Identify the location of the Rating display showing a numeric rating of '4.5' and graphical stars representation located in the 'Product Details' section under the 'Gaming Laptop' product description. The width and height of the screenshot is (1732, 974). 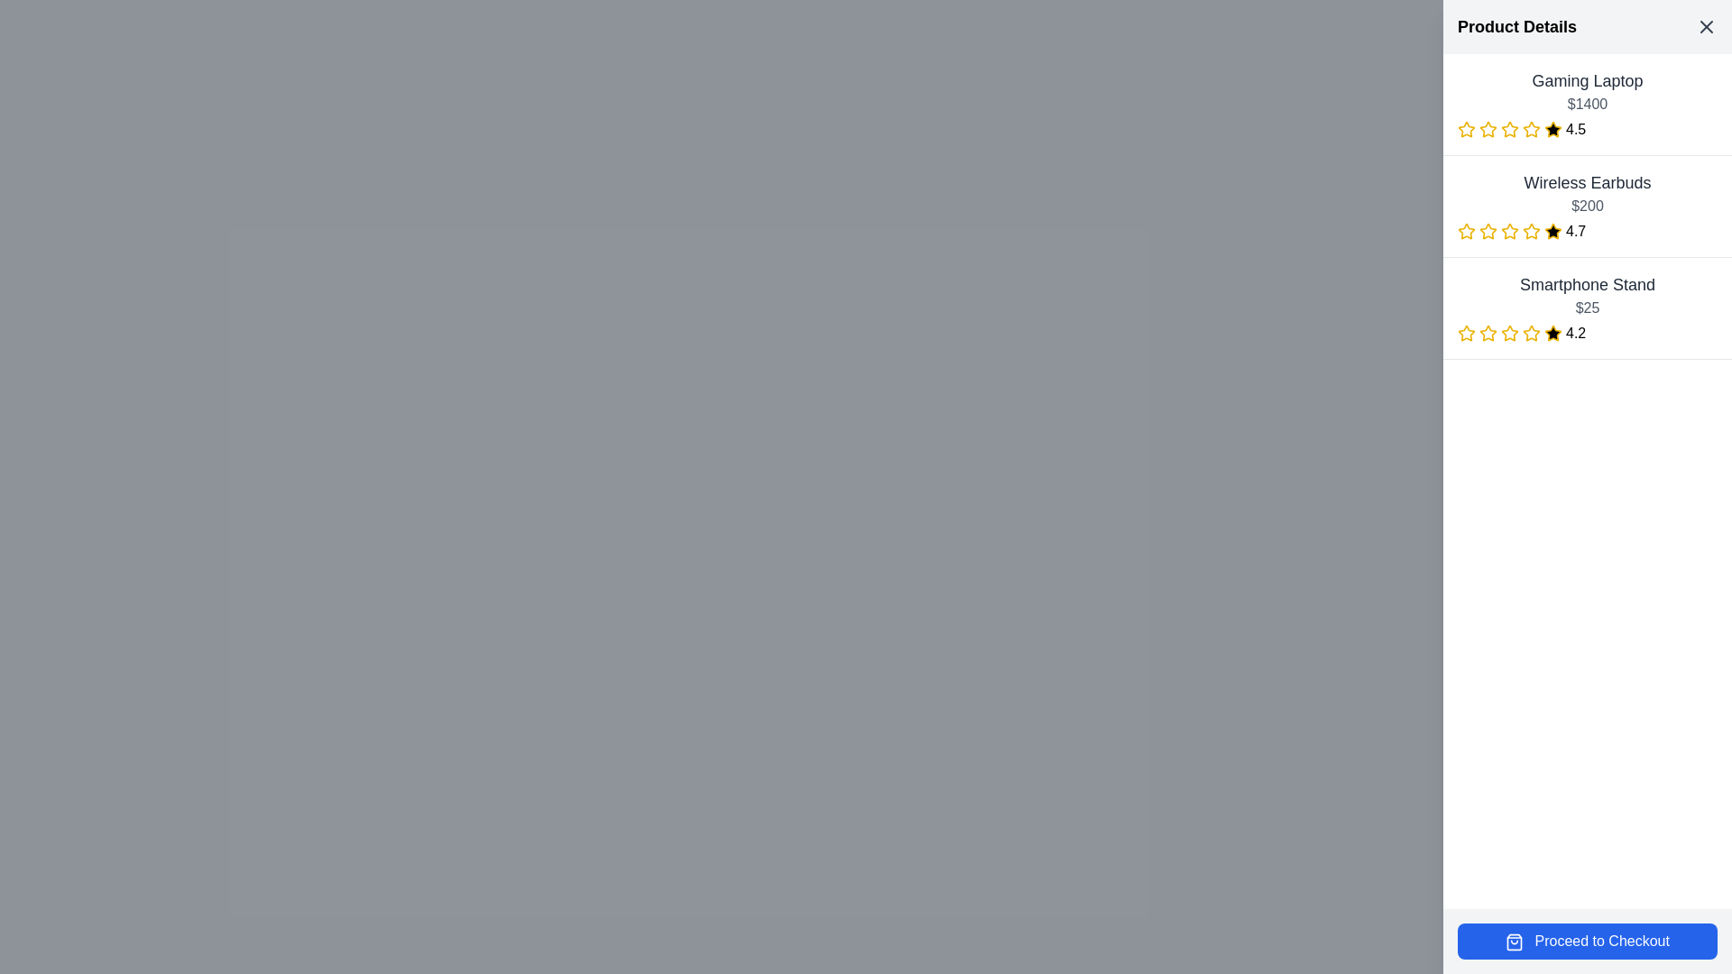
(1588, 128).